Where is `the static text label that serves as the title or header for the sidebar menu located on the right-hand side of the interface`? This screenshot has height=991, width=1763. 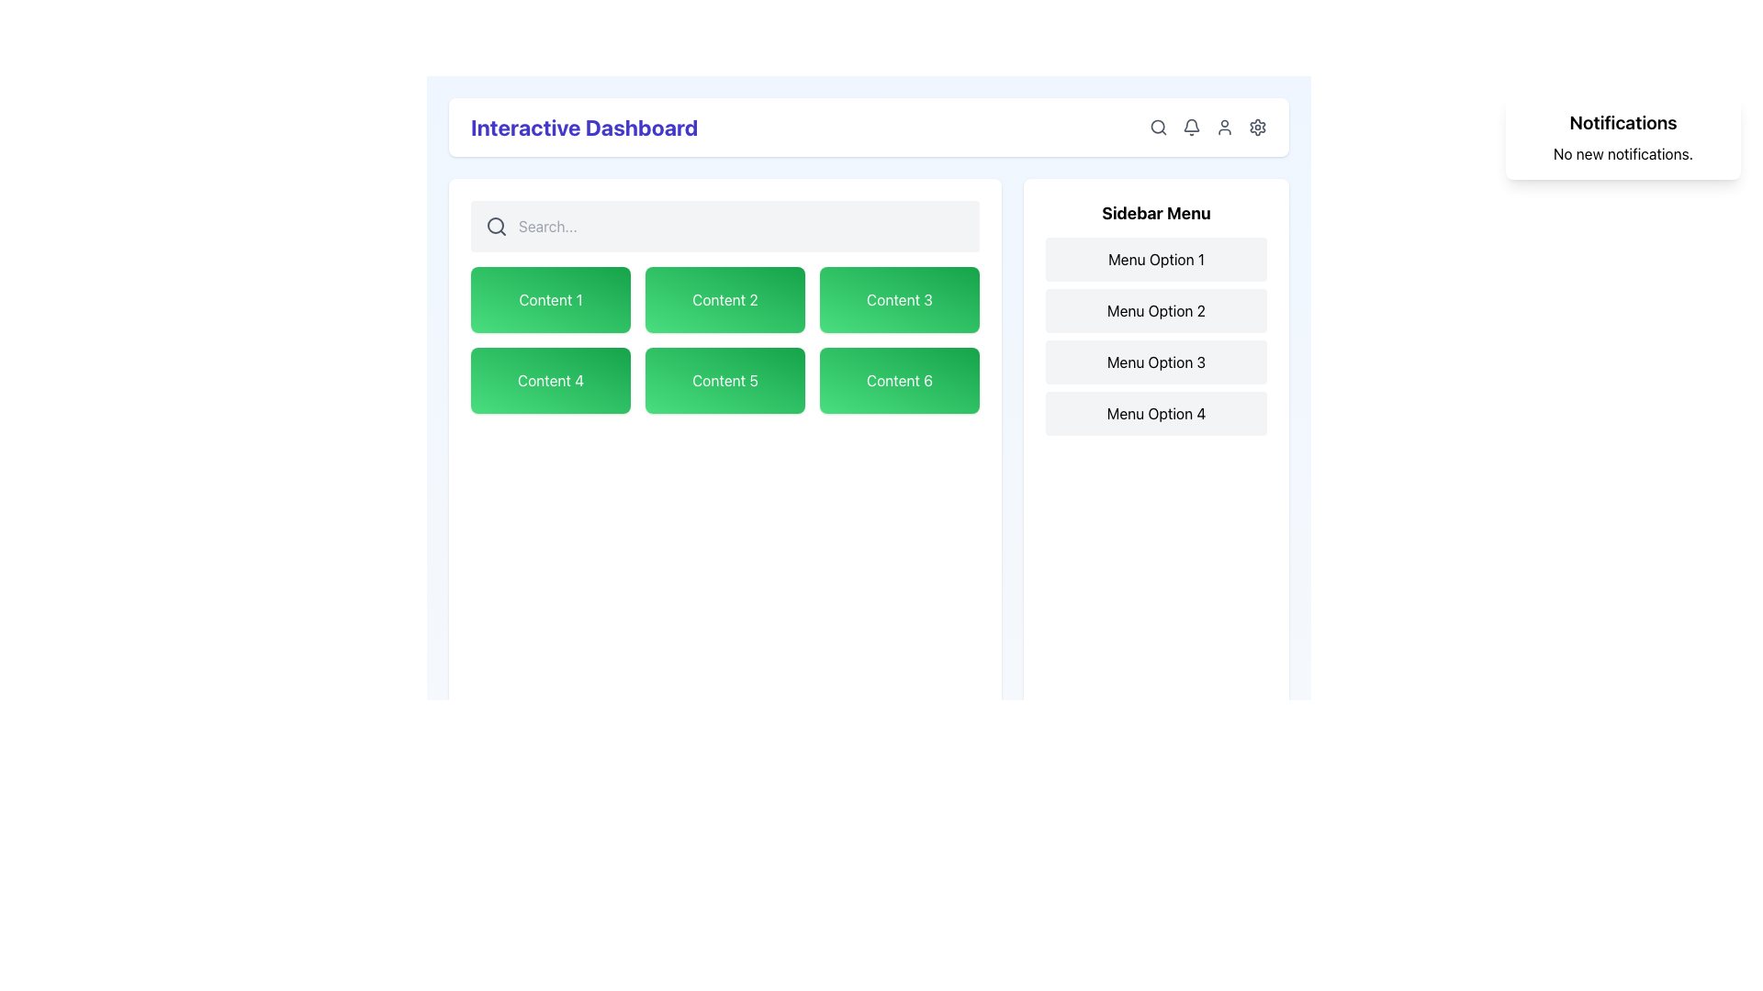
the static text label that serves as the title or header for the sidebar menu located on the right-hand side of the interface is located at coordinates (1155, 212).